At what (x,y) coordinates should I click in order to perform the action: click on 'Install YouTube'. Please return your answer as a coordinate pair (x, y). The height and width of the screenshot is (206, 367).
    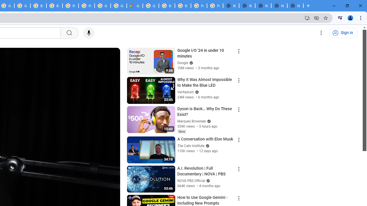
    Looking at the image, I should click on (307, 17).